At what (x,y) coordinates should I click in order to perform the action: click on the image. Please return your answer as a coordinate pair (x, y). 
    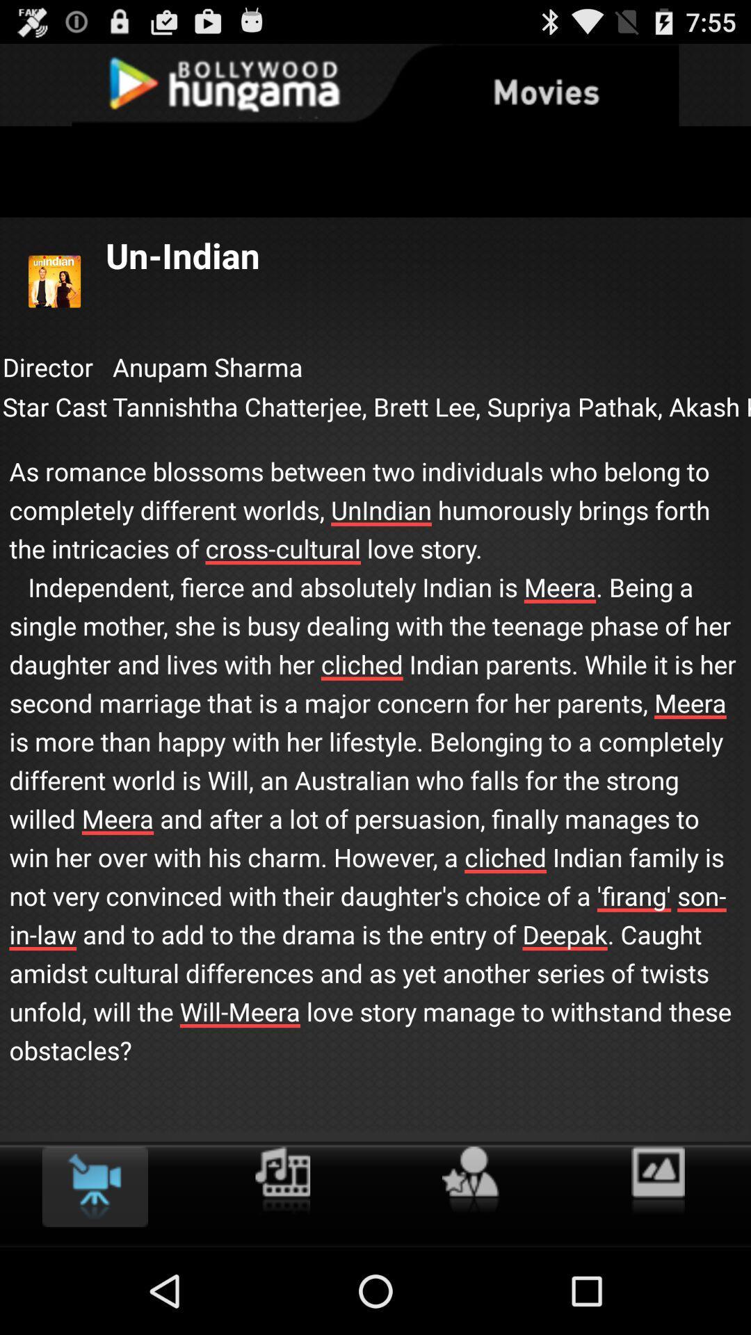
    Looking at the image, I should click on (657, 1181).